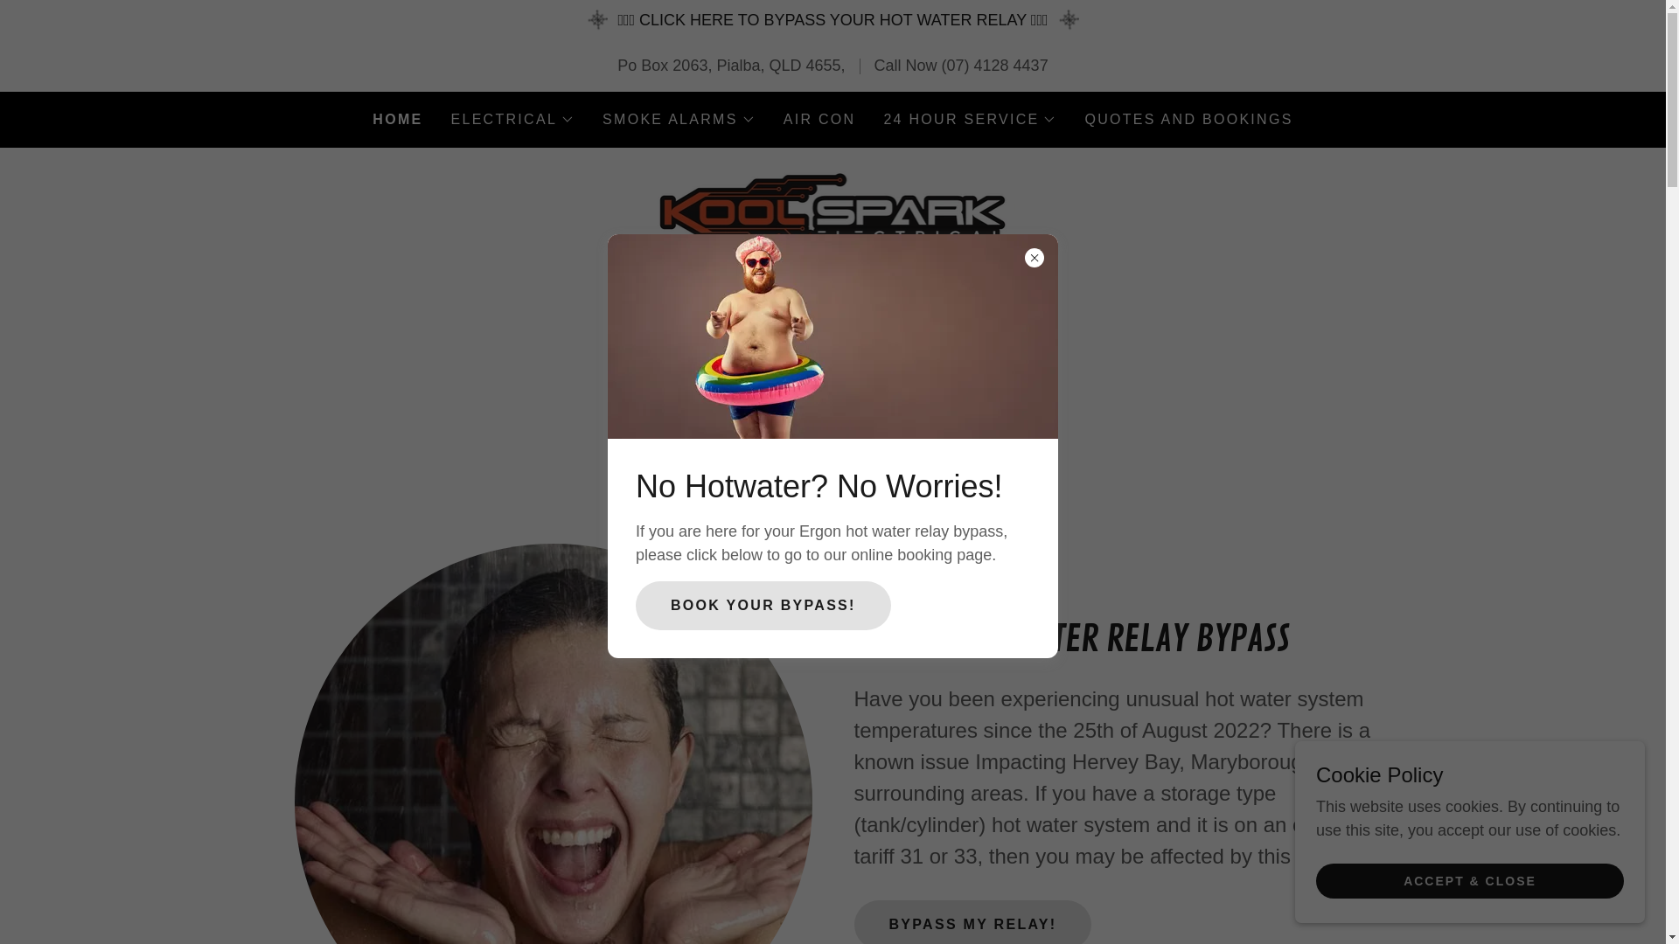 Image resolution: width=1679 pixels, height=944 pixels. I want to click on 'QUOTES AND BOOKINGS', so click(1188, 119).